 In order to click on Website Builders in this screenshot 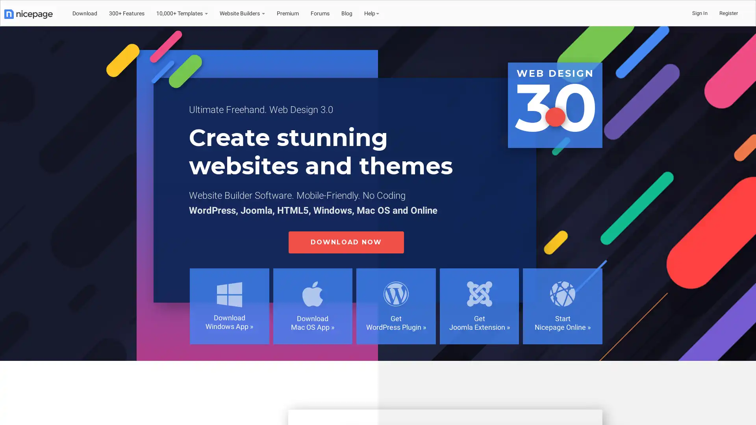, I will do `click(242, 13)`.